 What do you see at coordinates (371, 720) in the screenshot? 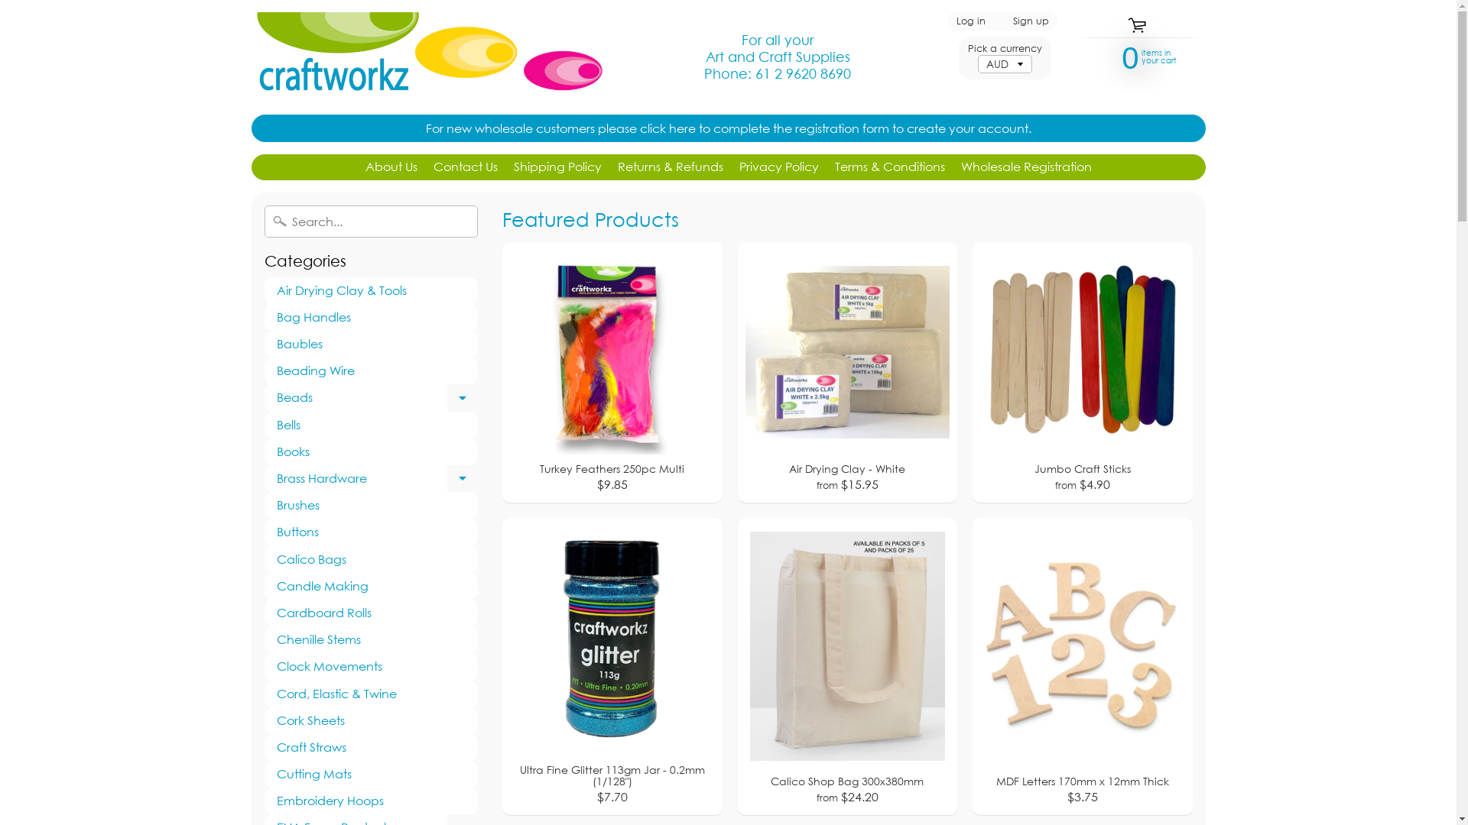
I see `'Cork Sheets'` at bounding box center [371, 720].